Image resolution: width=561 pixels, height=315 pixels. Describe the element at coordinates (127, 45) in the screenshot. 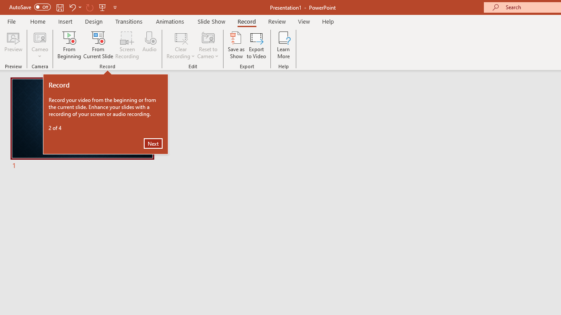

I see `'Screen Recording'` at that location.